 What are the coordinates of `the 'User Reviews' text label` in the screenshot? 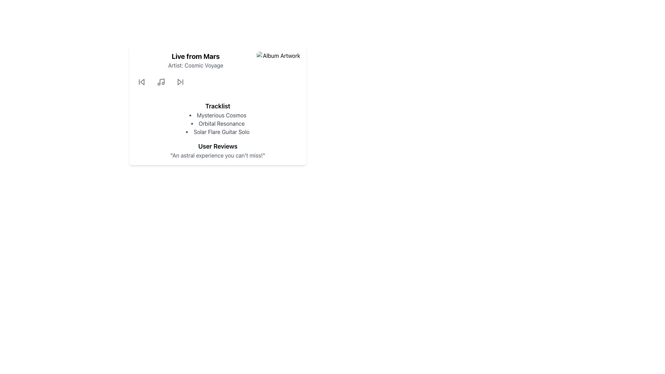 It's located at (217, 146).